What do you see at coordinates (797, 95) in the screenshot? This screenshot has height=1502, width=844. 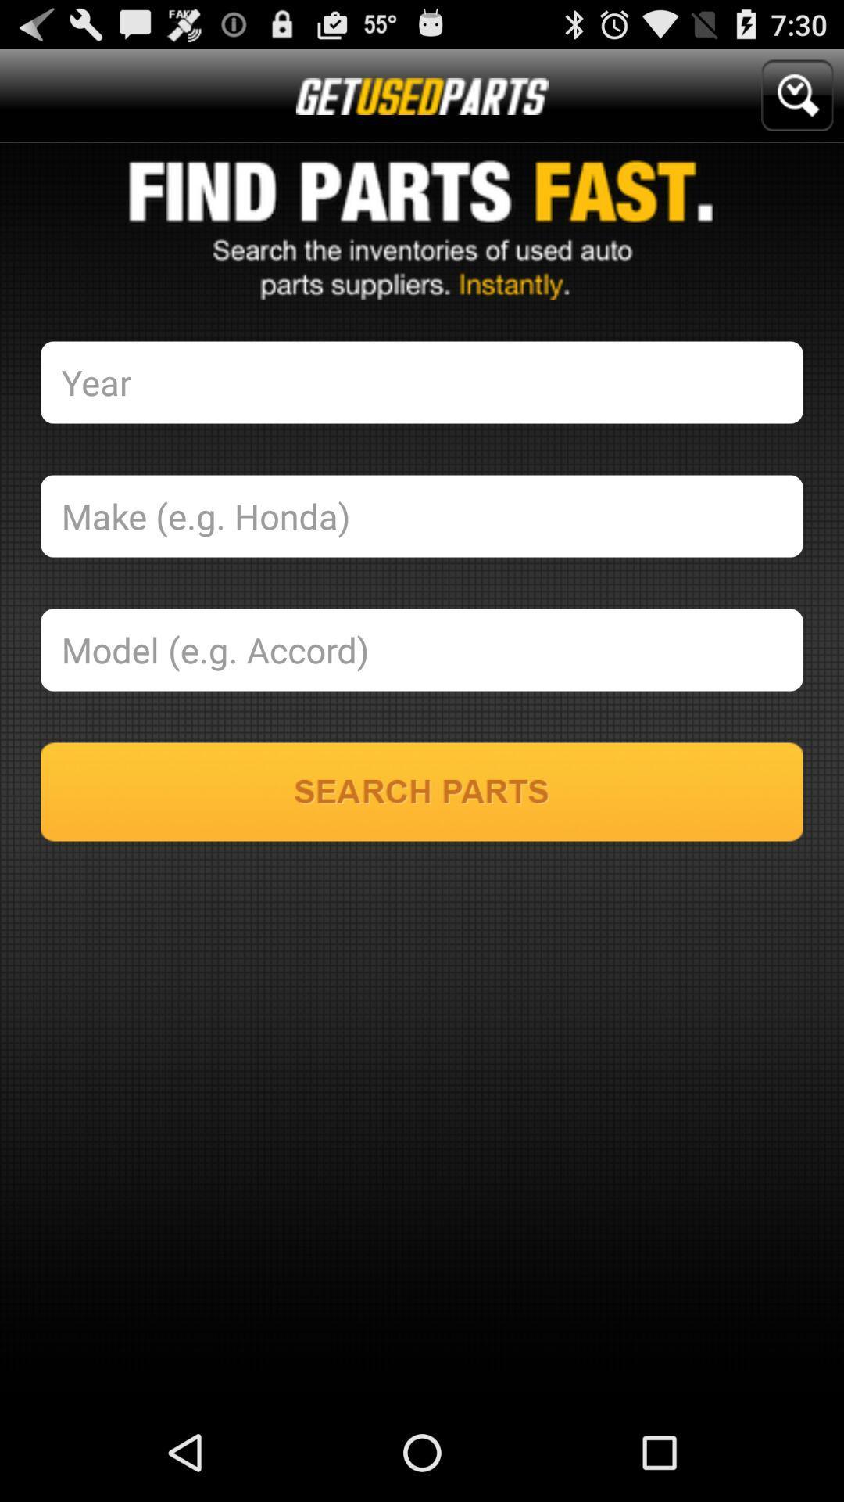 I see `icon at the top right corner` at bounding box center [797, 95].